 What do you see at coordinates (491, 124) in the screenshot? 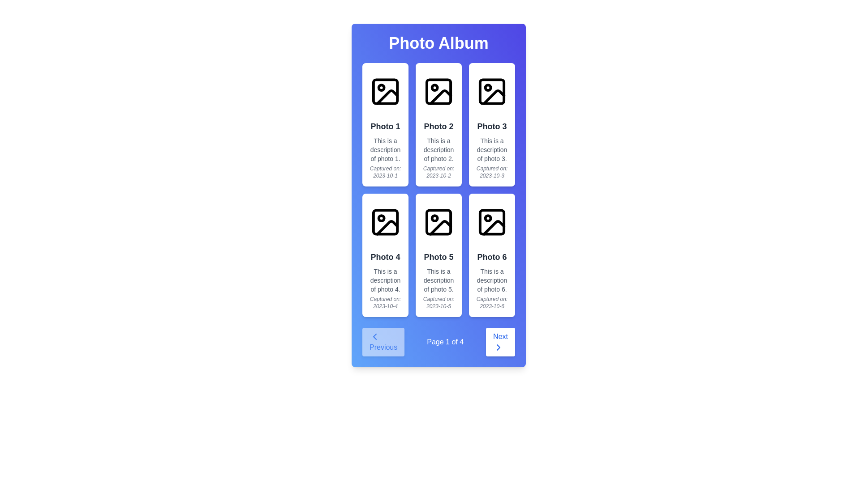
I see `the card titled 'Photo 3' in the top-right position of the 3x2 grid` at bounding box center [491, 124].